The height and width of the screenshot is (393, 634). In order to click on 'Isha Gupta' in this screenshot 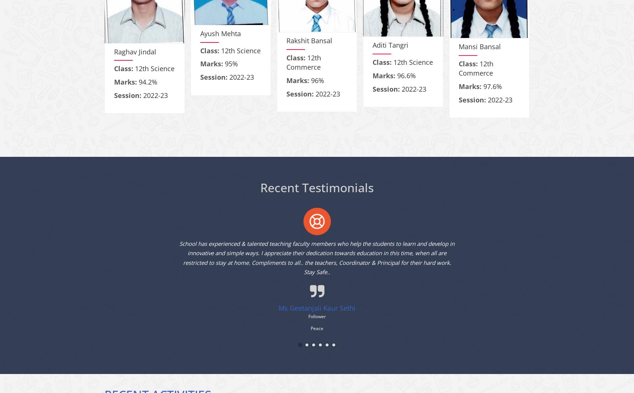, I will do `click(44, 64)`.